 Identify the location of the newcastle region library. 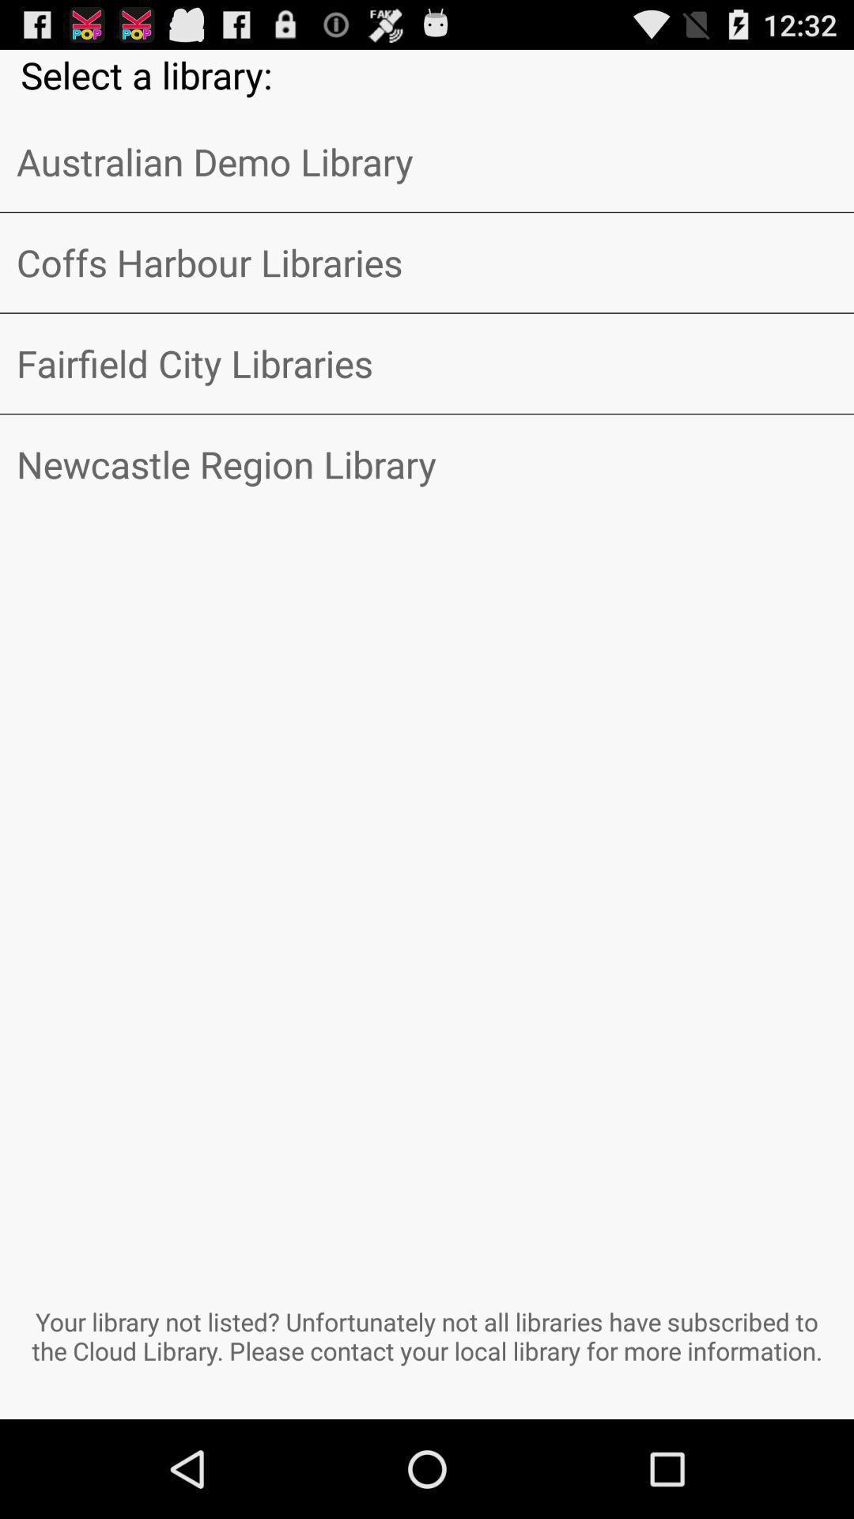
(427, 464).